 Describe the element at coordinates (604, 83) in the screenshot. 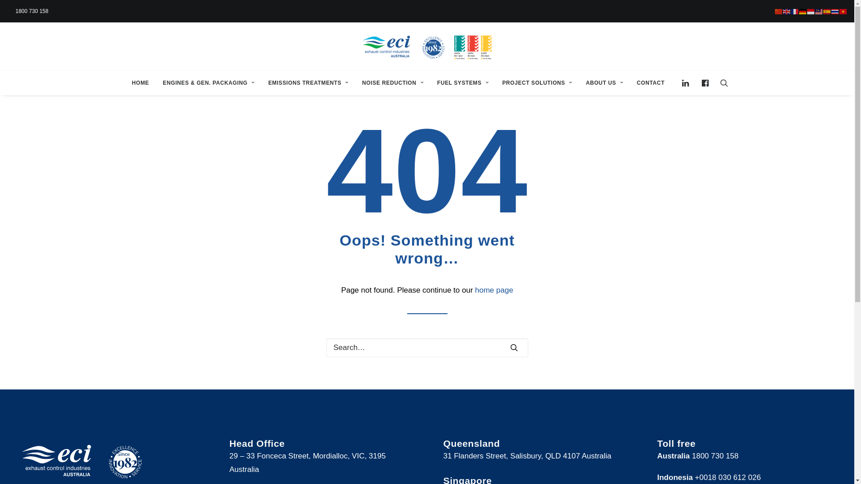

I see `'ABOUT US'` at that location.